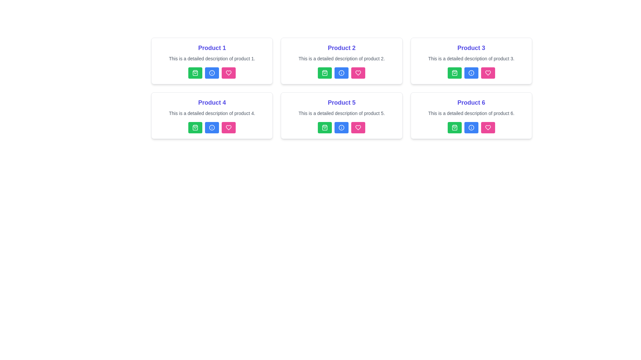 The width and height of the screenshot is (641, 360). I want to click on the 'like' or 'favorite' icon within the button for 'Product 6', so click(488, 127).